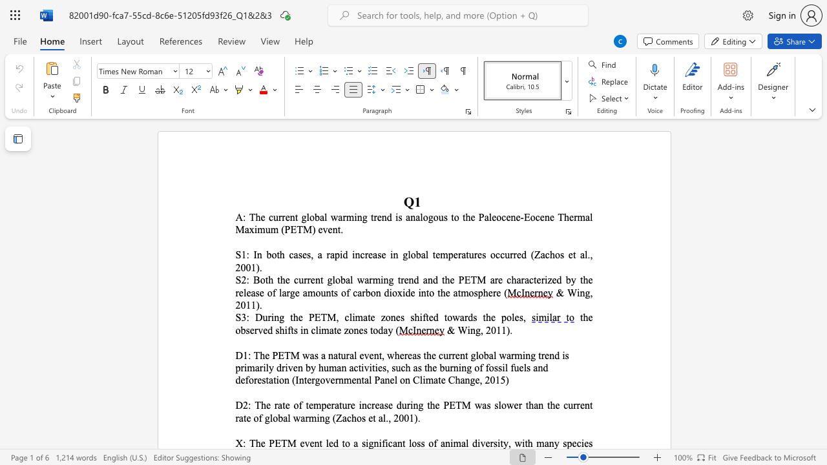  I want to click on the space between the continuous character "t" and "u" in the text, so click(468, 254).